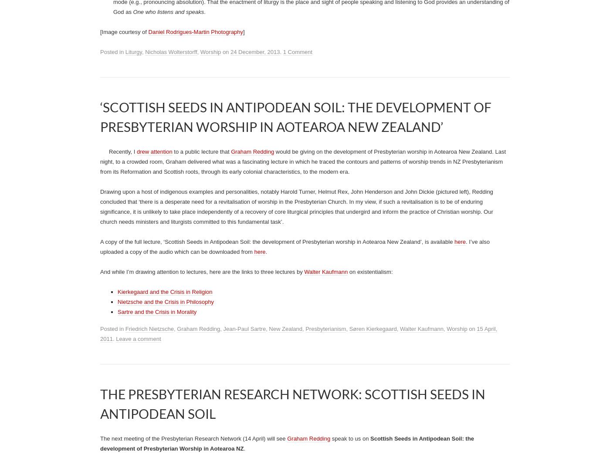 Image resolution: width=610 pixels, height=458 pixels. What do you see at coordinates (113, 180) in the screenshot?
I see `'(or as it accords with the convergence of the five traditions he is considering), the third and highest level of implicitness (see'` at bounding box center [113, 180].